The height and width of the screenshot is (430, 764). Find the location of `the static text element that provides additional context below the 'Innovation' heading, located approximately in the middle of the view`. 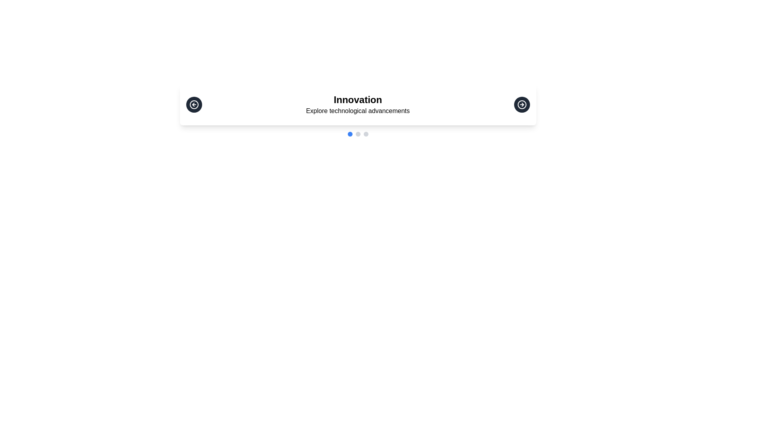

the static text element that provides additional context below the 'Innovation' heading, located approximately in the middle of the view is located at coordinates (357, 111).